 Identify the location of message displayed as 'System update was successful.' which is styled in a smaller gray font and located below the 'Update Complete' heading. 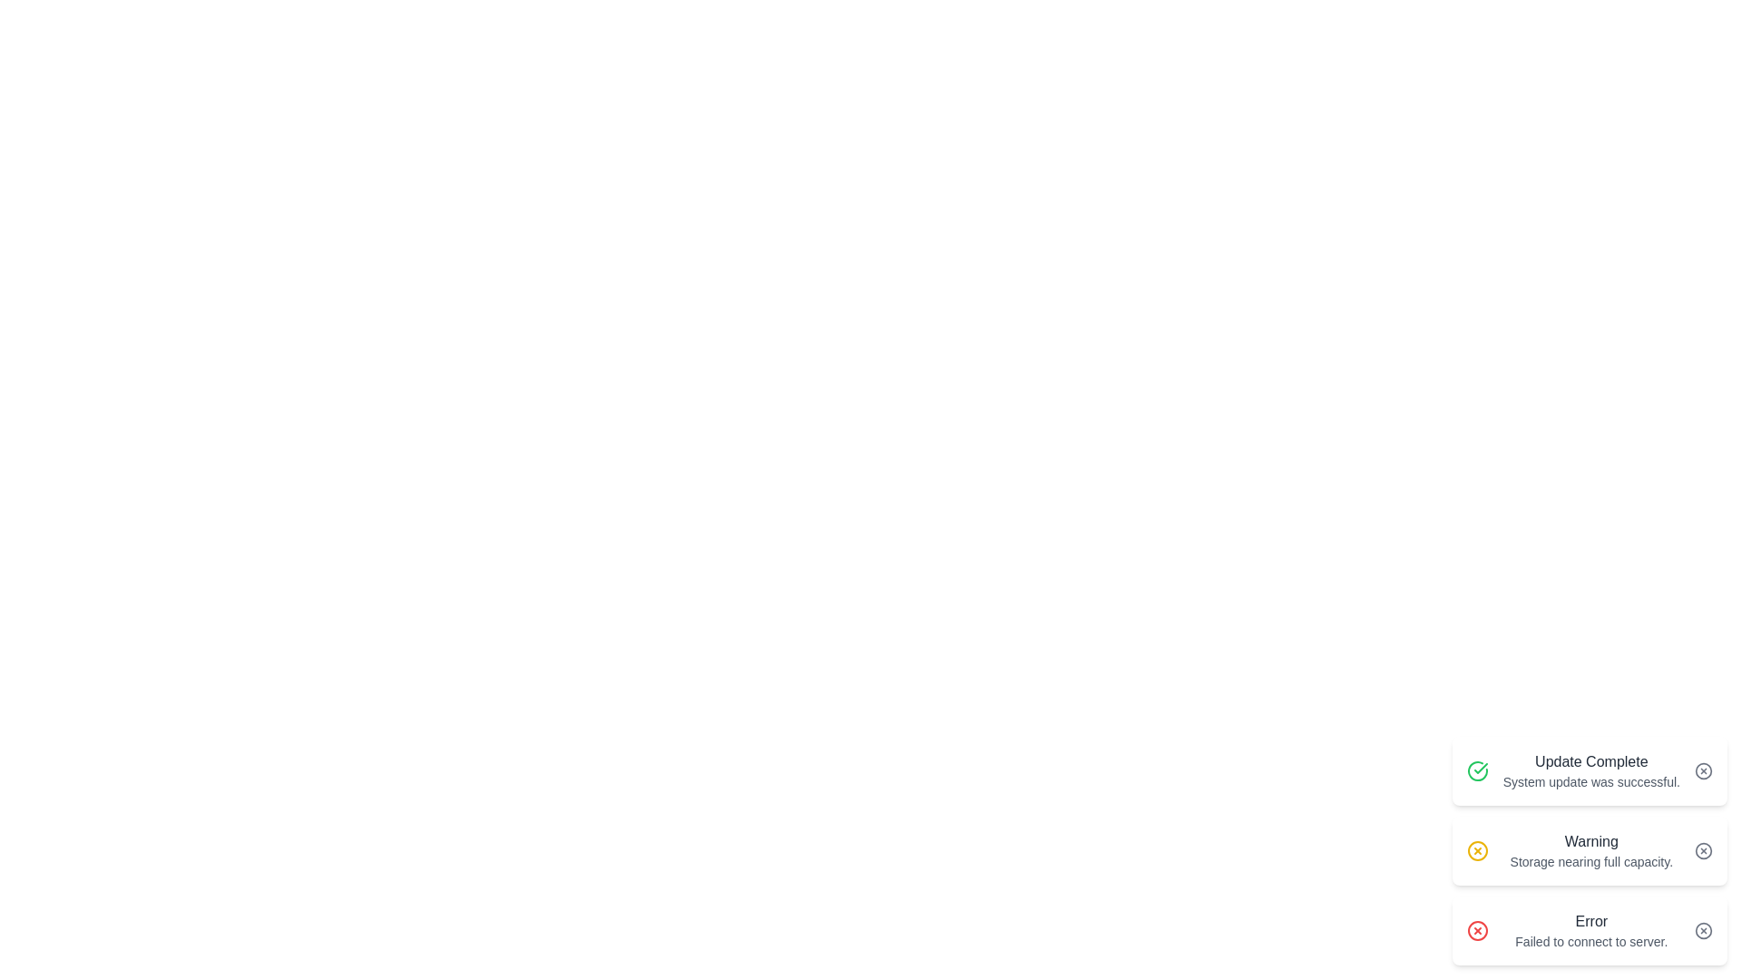
(1590, 780).